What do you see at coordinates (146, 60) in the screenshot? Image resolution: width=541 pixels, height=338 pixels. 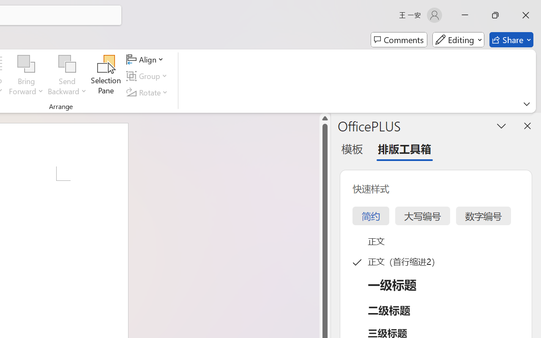 I see `'Align'` at bounding box center [146, 60].